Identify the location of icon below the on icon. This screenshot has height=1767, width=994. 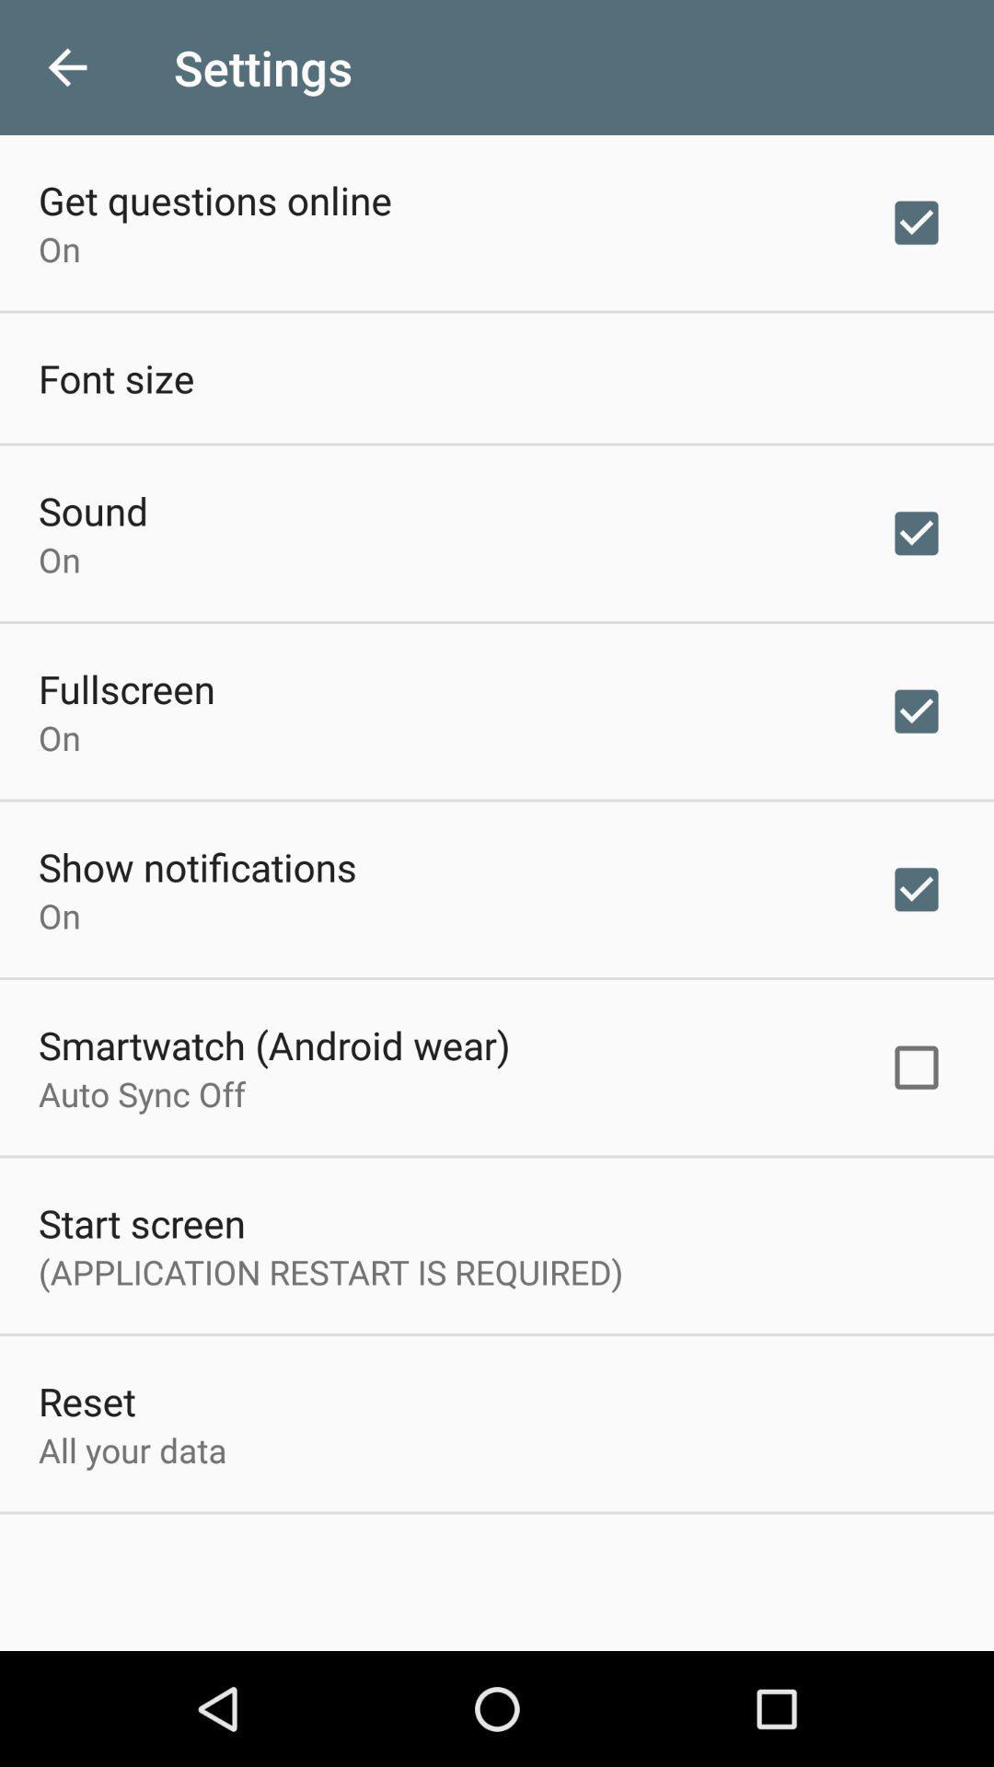
(126, 687).